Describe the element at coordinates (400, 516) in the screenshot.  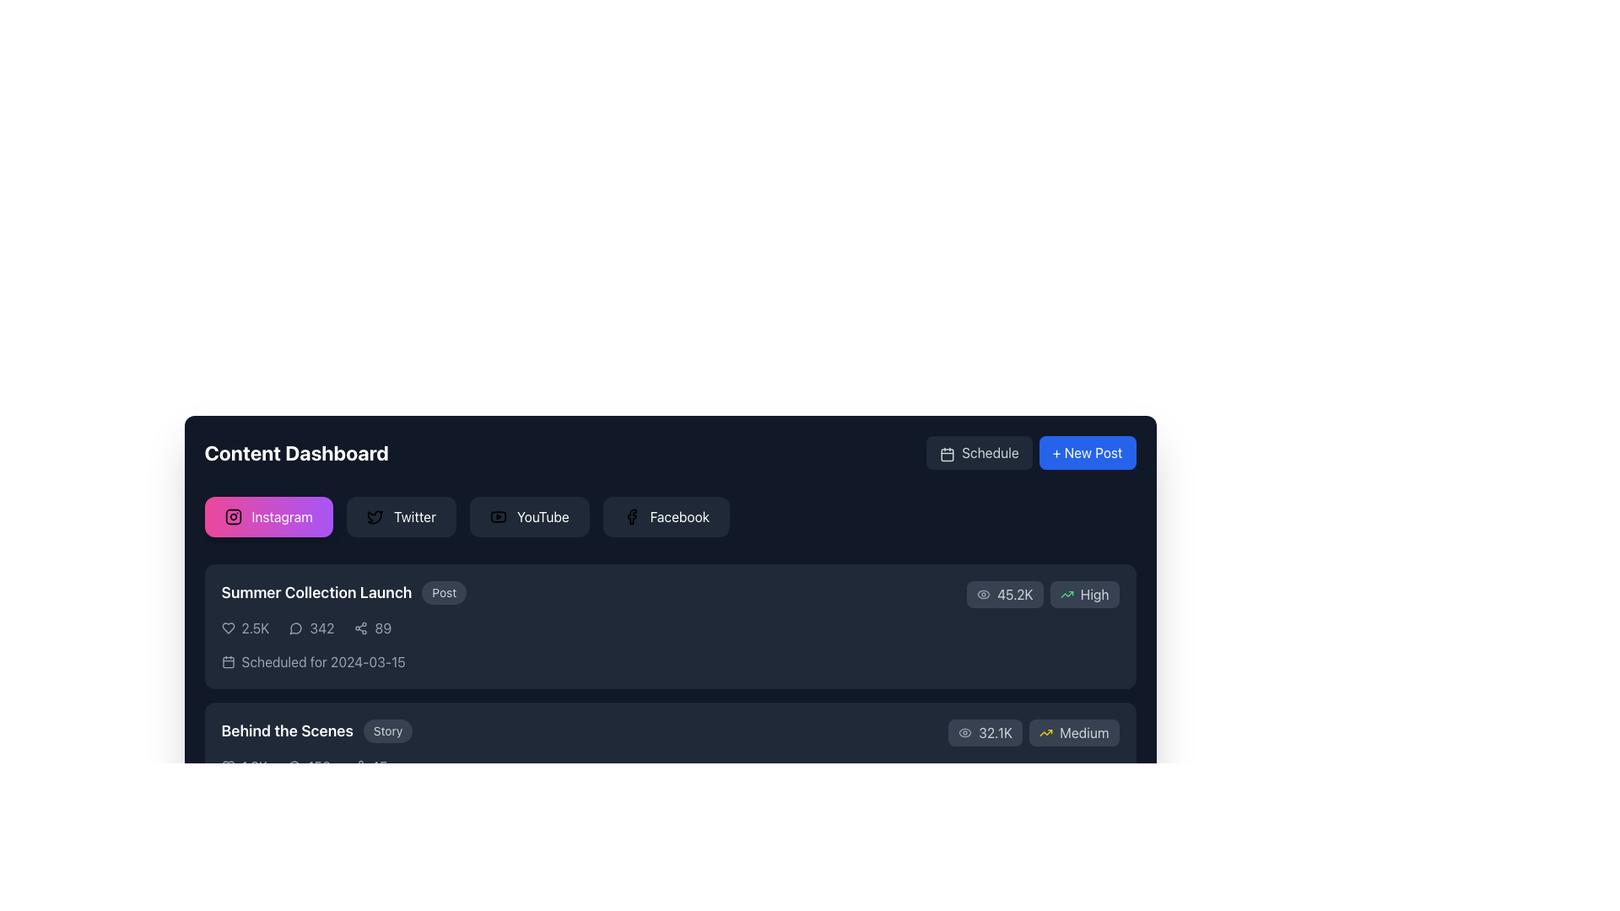
I see `the rectangular button with rounded corners that has a dark gray background and displays a white Twitter icon followed by the text 'Twitter'` at that location.